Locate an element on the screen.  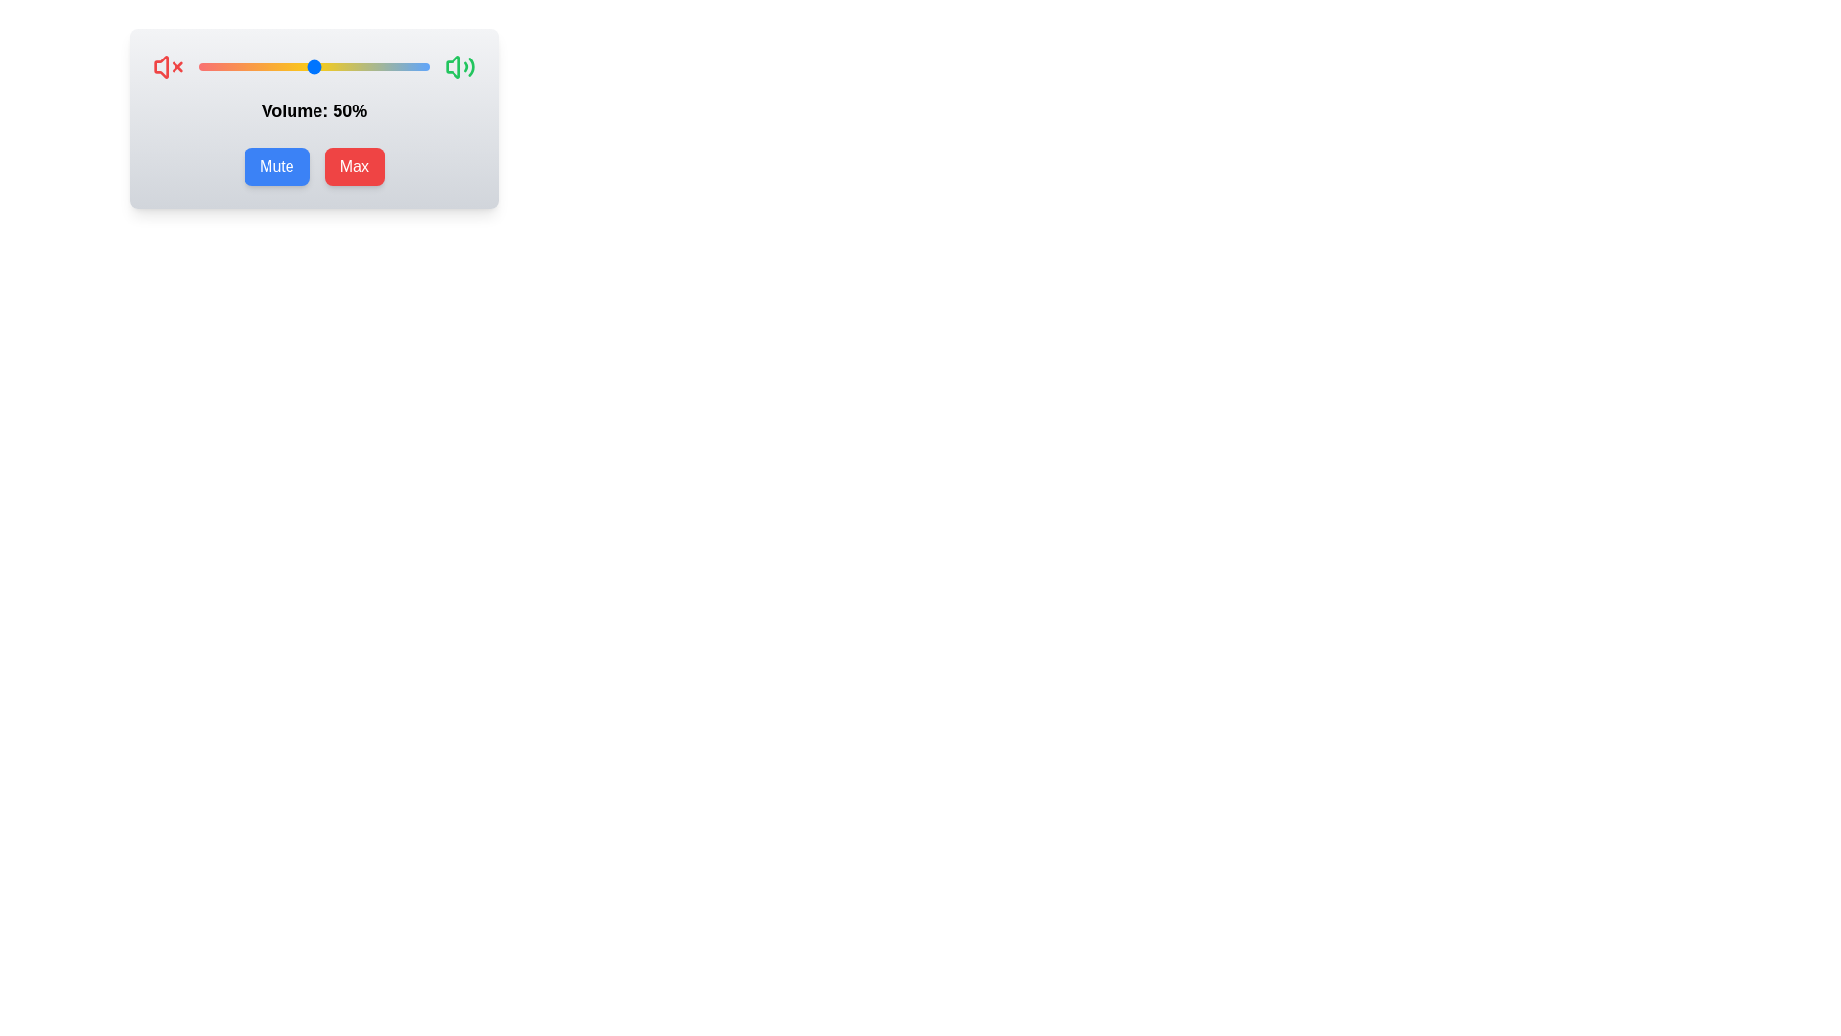
the 'Mute' button is located at coordinates (275, 165).